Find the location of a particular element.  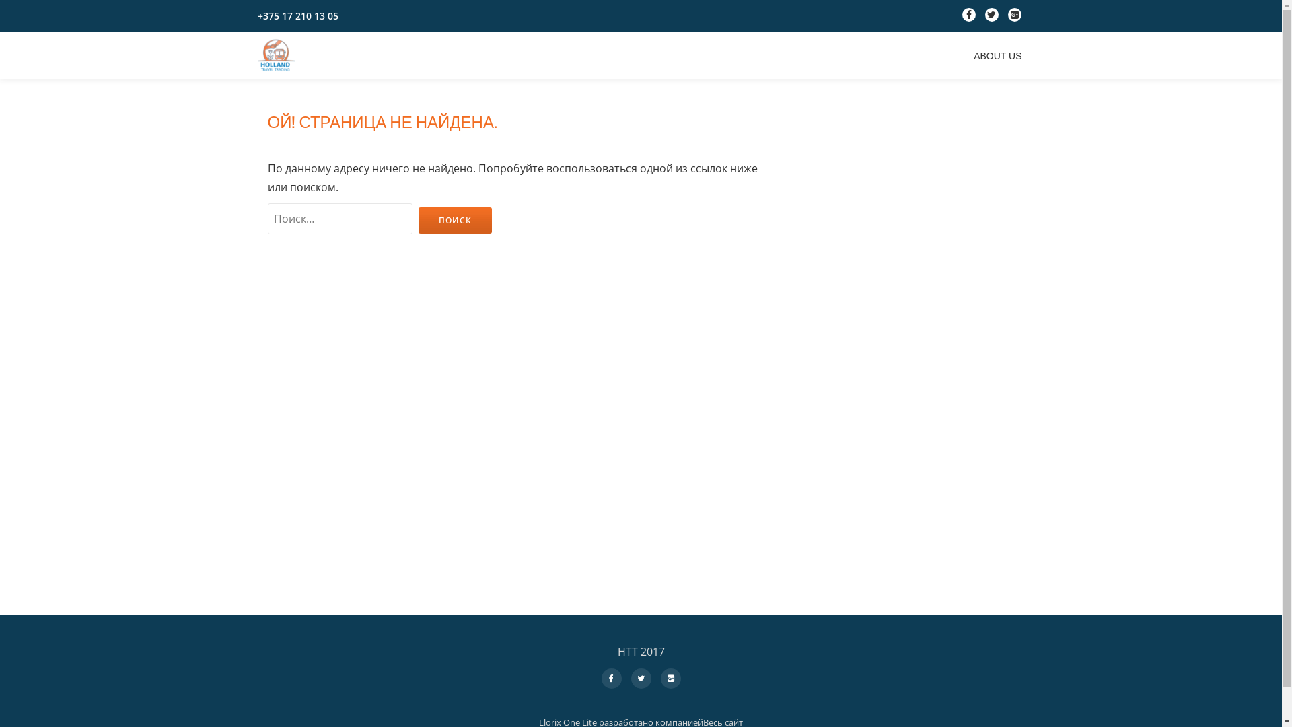

'fa-google-plus-square' is located at coordinates (670, 677).